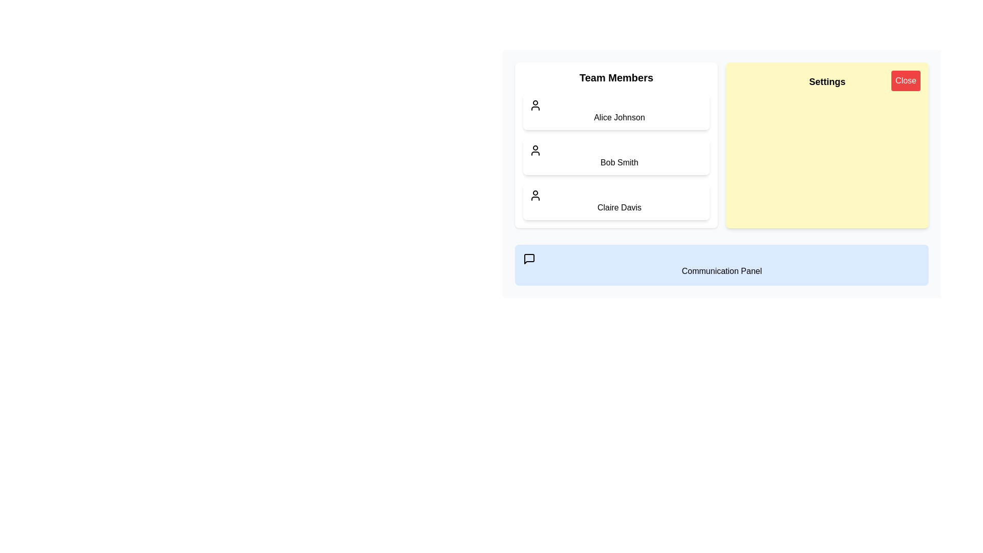 The height and width of the screenshot is (553, 983). Describe the element at coordinates (618, 207) in the screenshot. I see `the static text label displaying 'Claire Davis', which is part of the team member list on the right side of the panel` at that location.